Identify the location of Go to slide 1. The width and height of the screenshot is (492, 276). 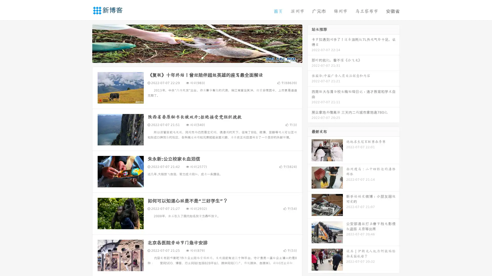
(192, 57).